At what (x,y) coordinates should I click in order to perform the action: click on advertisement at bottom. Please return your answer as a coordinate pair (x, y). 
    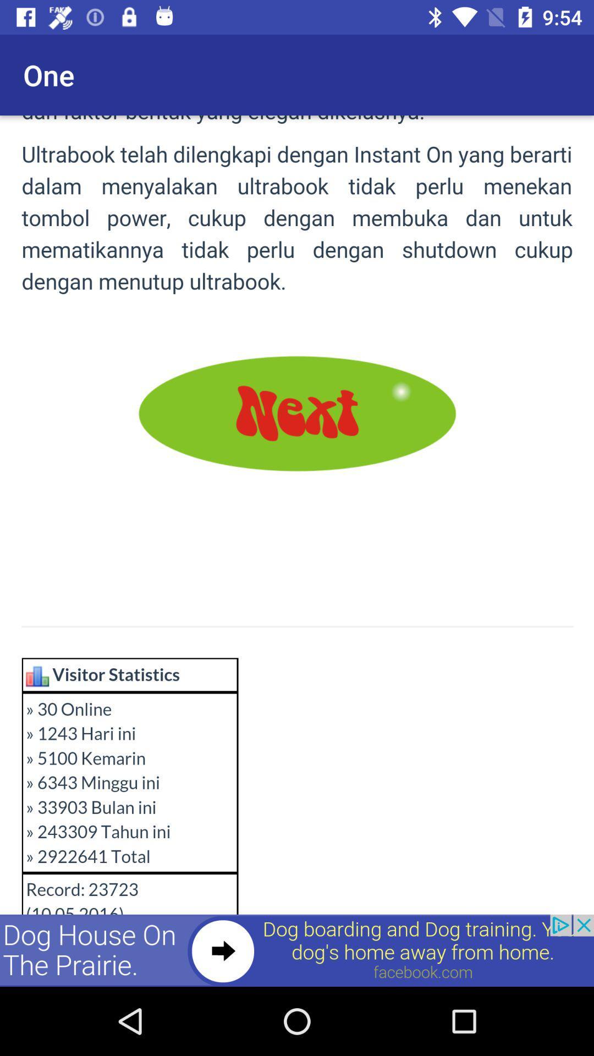
    Looking at the image, I should click on (297, 950).